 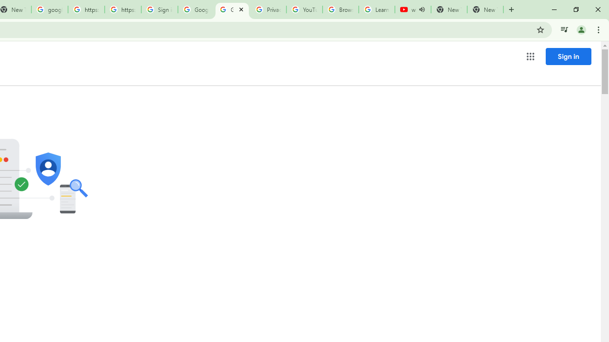 What do you see at coordinates (159, 9) in the screenshot?
I see `'Sign in - Google Accounts'` at bounding box center [159, 9].